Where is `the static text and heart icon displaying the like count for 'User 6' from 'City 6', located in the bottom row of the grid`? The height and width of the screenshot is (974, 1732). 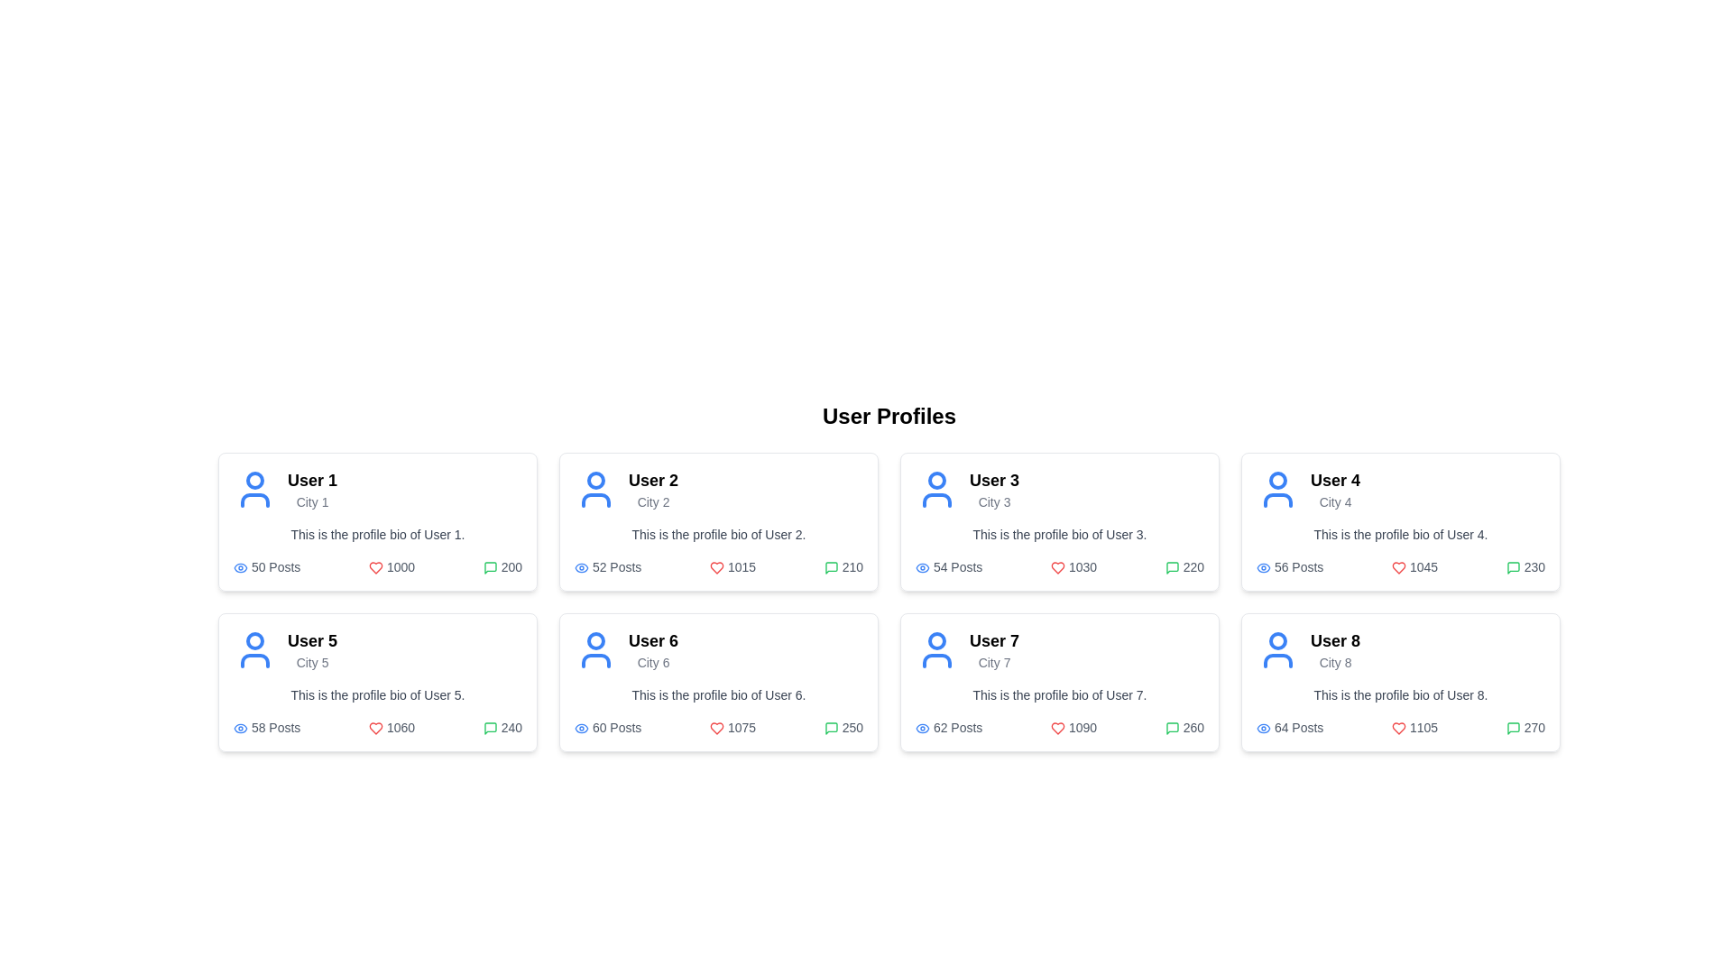 the static text and heart icon displaying the like count for 'User 6' from 'City 6', located in the bottom row of the grid is located at coordinates (732, 726).